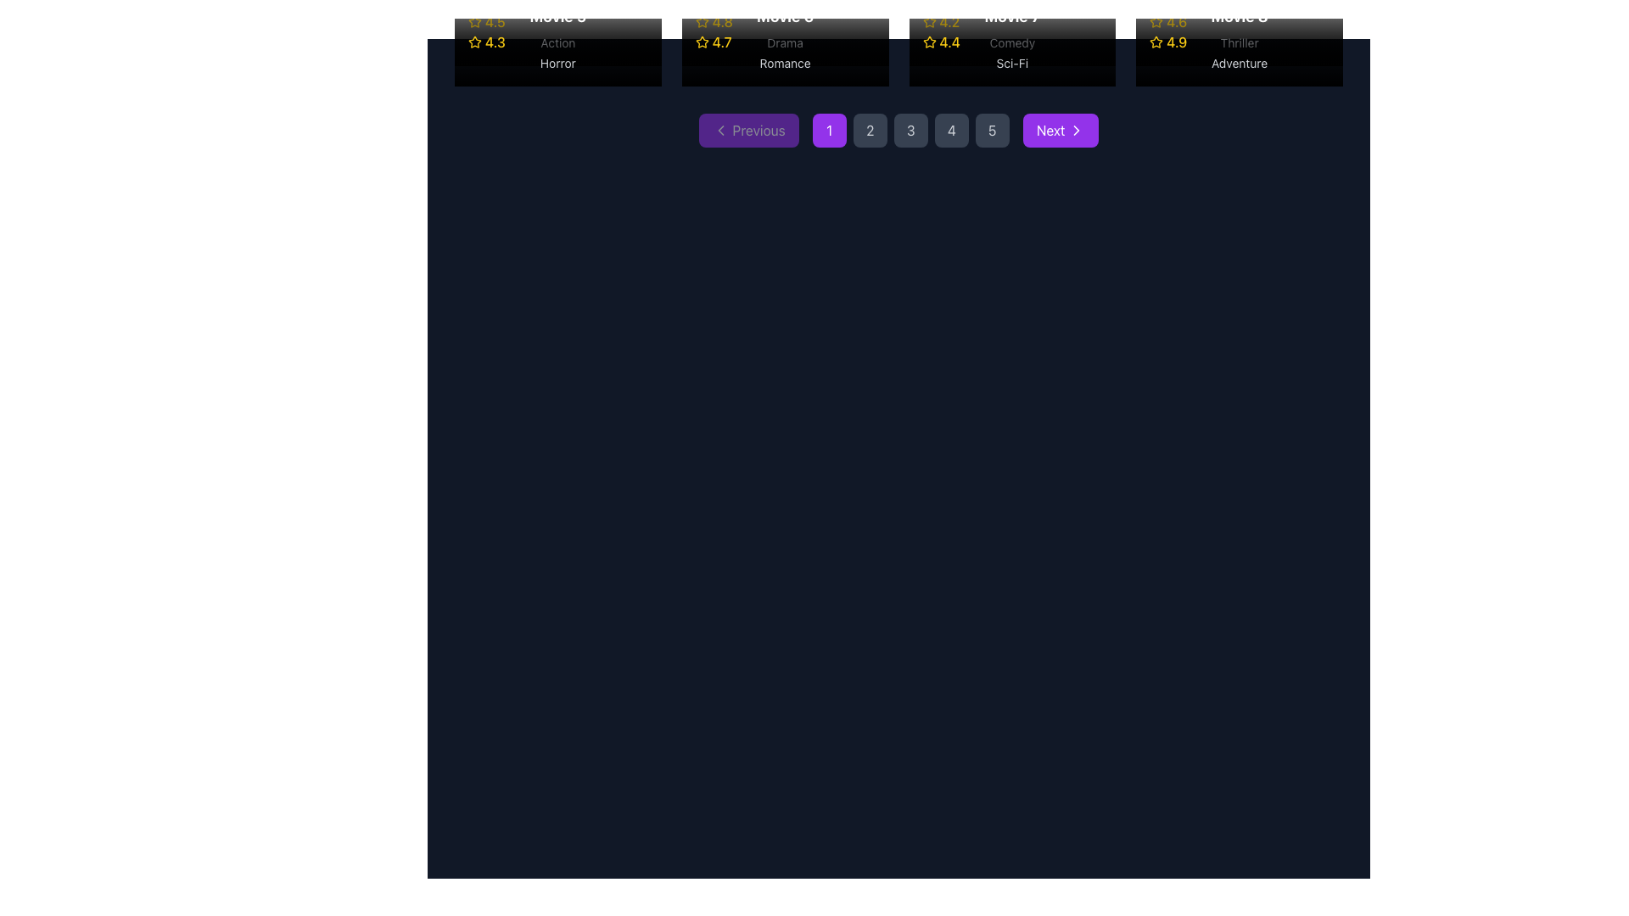 The image size is (1629, 916). What do you see at coordinates (557, 62) in the screenshot?
I see `the text label displaying 'Horror', which is in a small gray font and located below the 'Action' text within the movie information section` at bounding box center [557, 62].